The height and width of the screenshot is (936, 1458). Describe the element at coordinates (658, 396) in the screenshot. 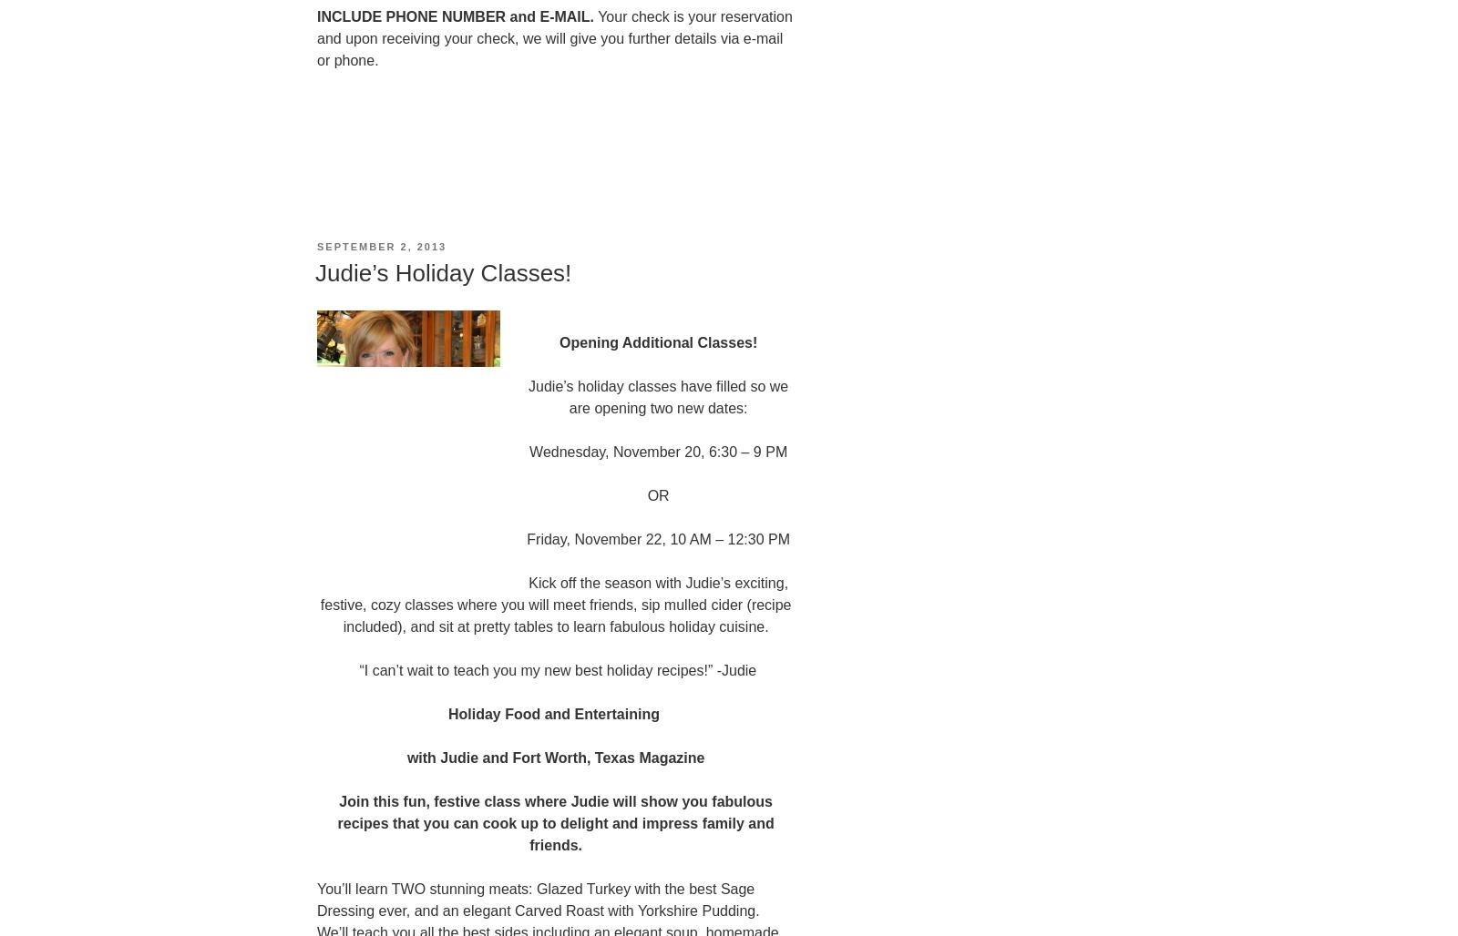

I see `'Judie’s holiday classes have filled so we are opening two new dates:'` at that location.